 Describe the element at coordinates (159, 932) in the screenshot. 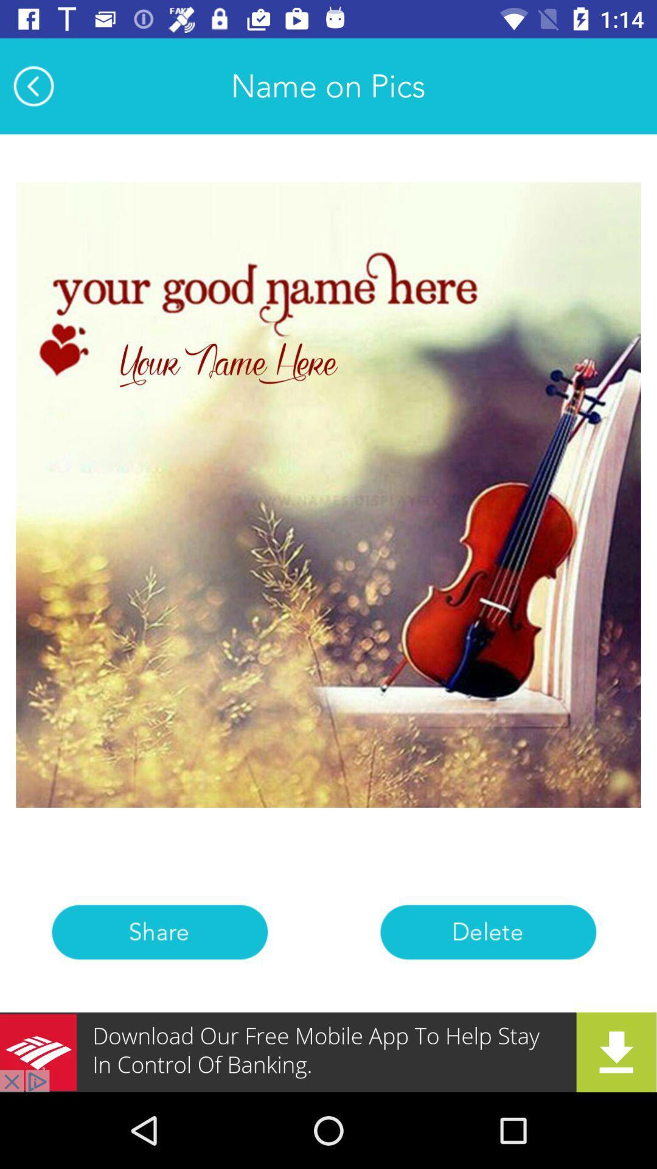

I see `share the article` at that location.